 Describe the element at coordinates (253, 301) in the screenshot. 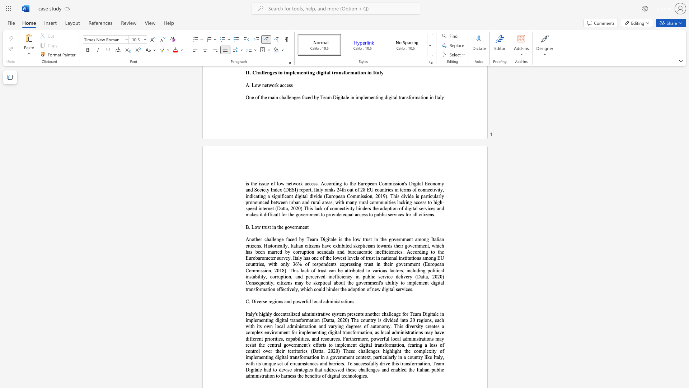

I see `the 1th character "D" in the text` at that location.